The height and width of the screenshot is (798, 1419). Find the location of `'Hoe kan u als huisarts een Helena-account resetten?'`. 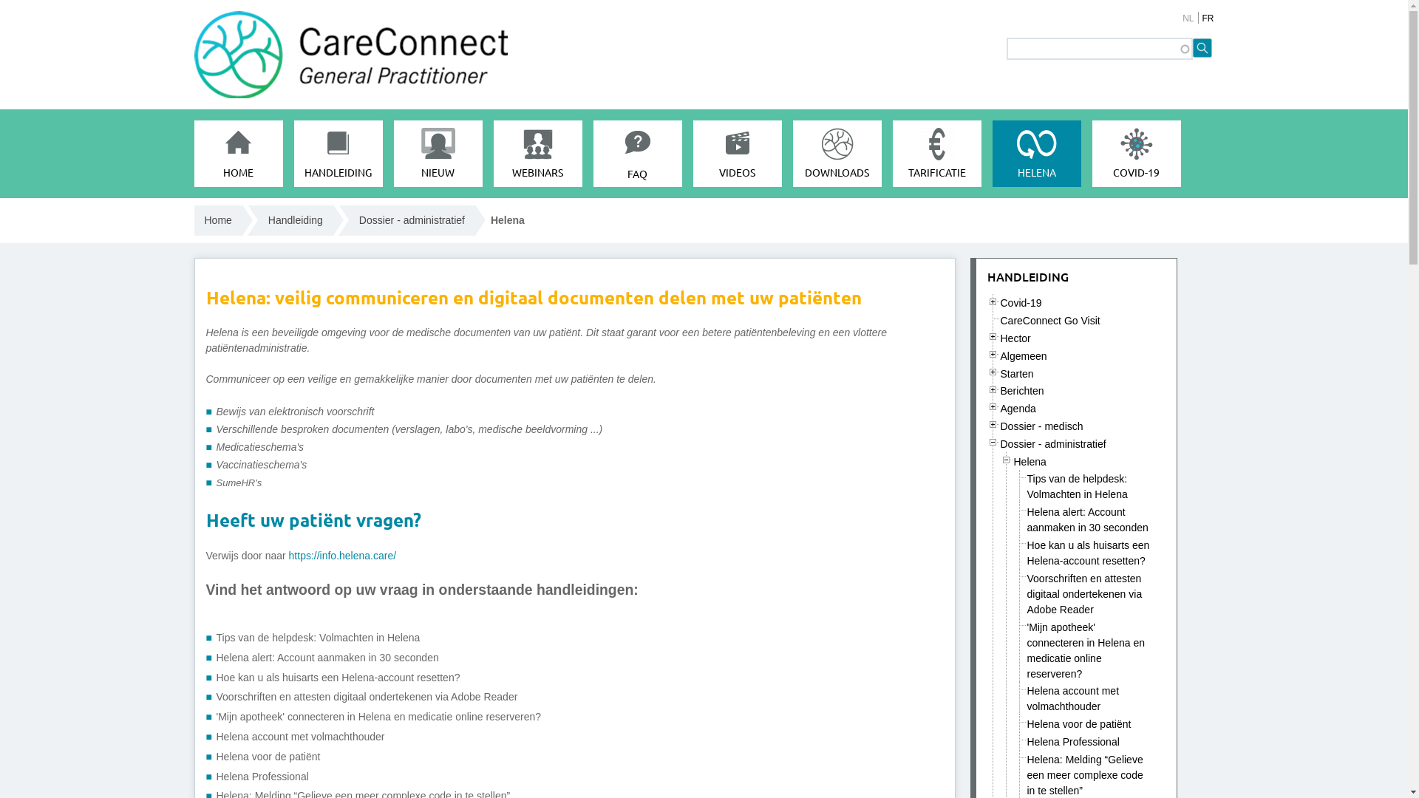

'Hoe kan u als huisarts een Helena-account resetten?' is located at coordinates (336, 678).